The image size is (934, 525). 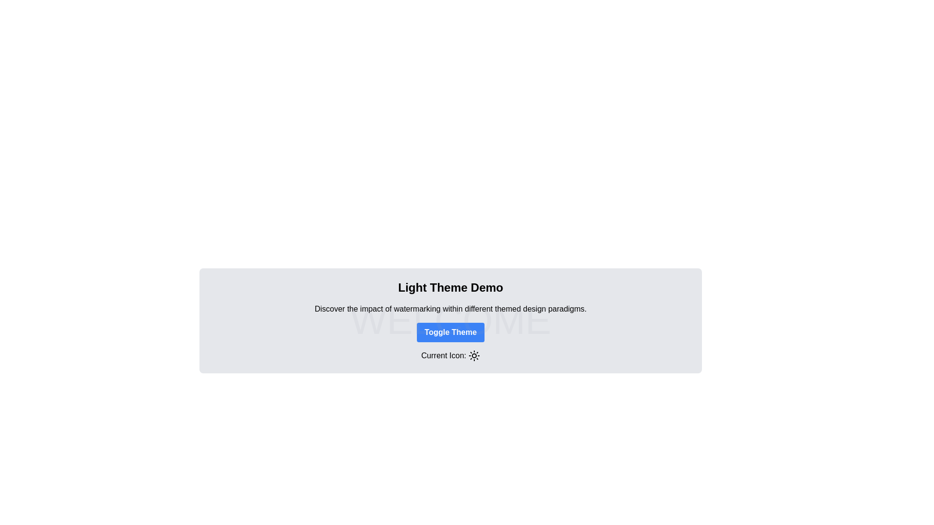 What do you see at coordinates (450, 320) in the screenshot?
I see `the Decorative text element displaying 'WELCOME' styled in a large font with a slanted appearance` at bounding box center [450, 320].